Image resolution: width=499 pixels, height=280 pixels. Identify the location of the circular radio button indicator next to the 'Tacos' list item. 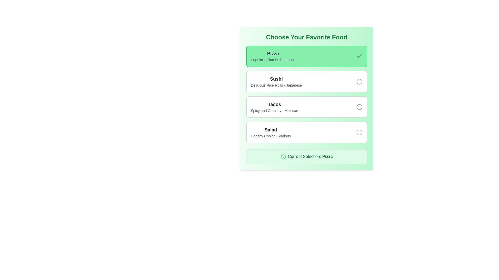
(359, 107).